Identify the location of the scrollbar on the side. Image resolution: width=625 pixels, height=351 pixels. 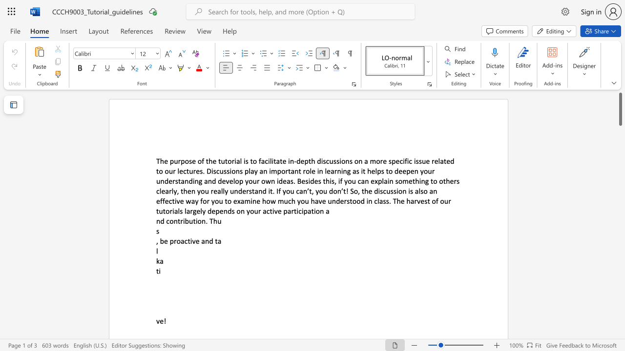
(620, 214).